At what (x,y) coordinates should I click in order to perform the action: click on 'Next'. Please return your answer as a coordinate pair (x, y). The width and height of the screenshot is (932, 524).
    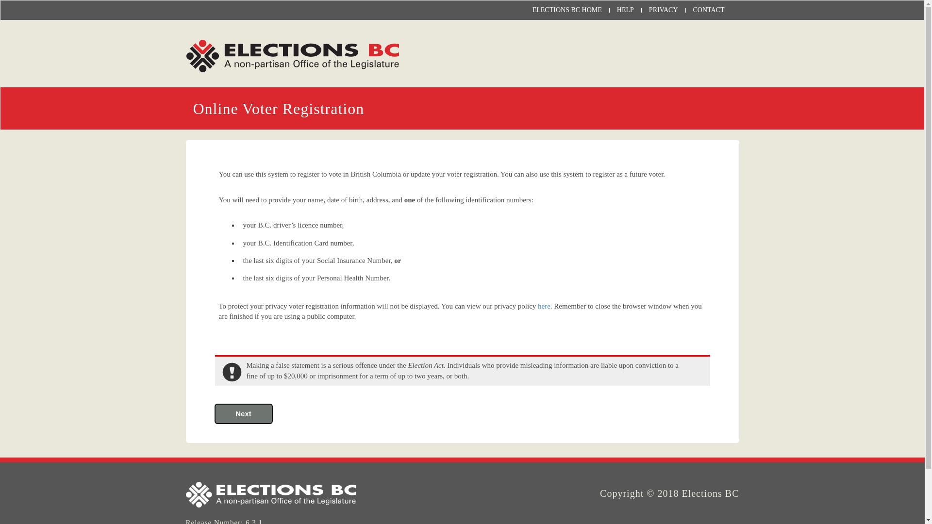
    Looking at the image, I should click on (214, 413).